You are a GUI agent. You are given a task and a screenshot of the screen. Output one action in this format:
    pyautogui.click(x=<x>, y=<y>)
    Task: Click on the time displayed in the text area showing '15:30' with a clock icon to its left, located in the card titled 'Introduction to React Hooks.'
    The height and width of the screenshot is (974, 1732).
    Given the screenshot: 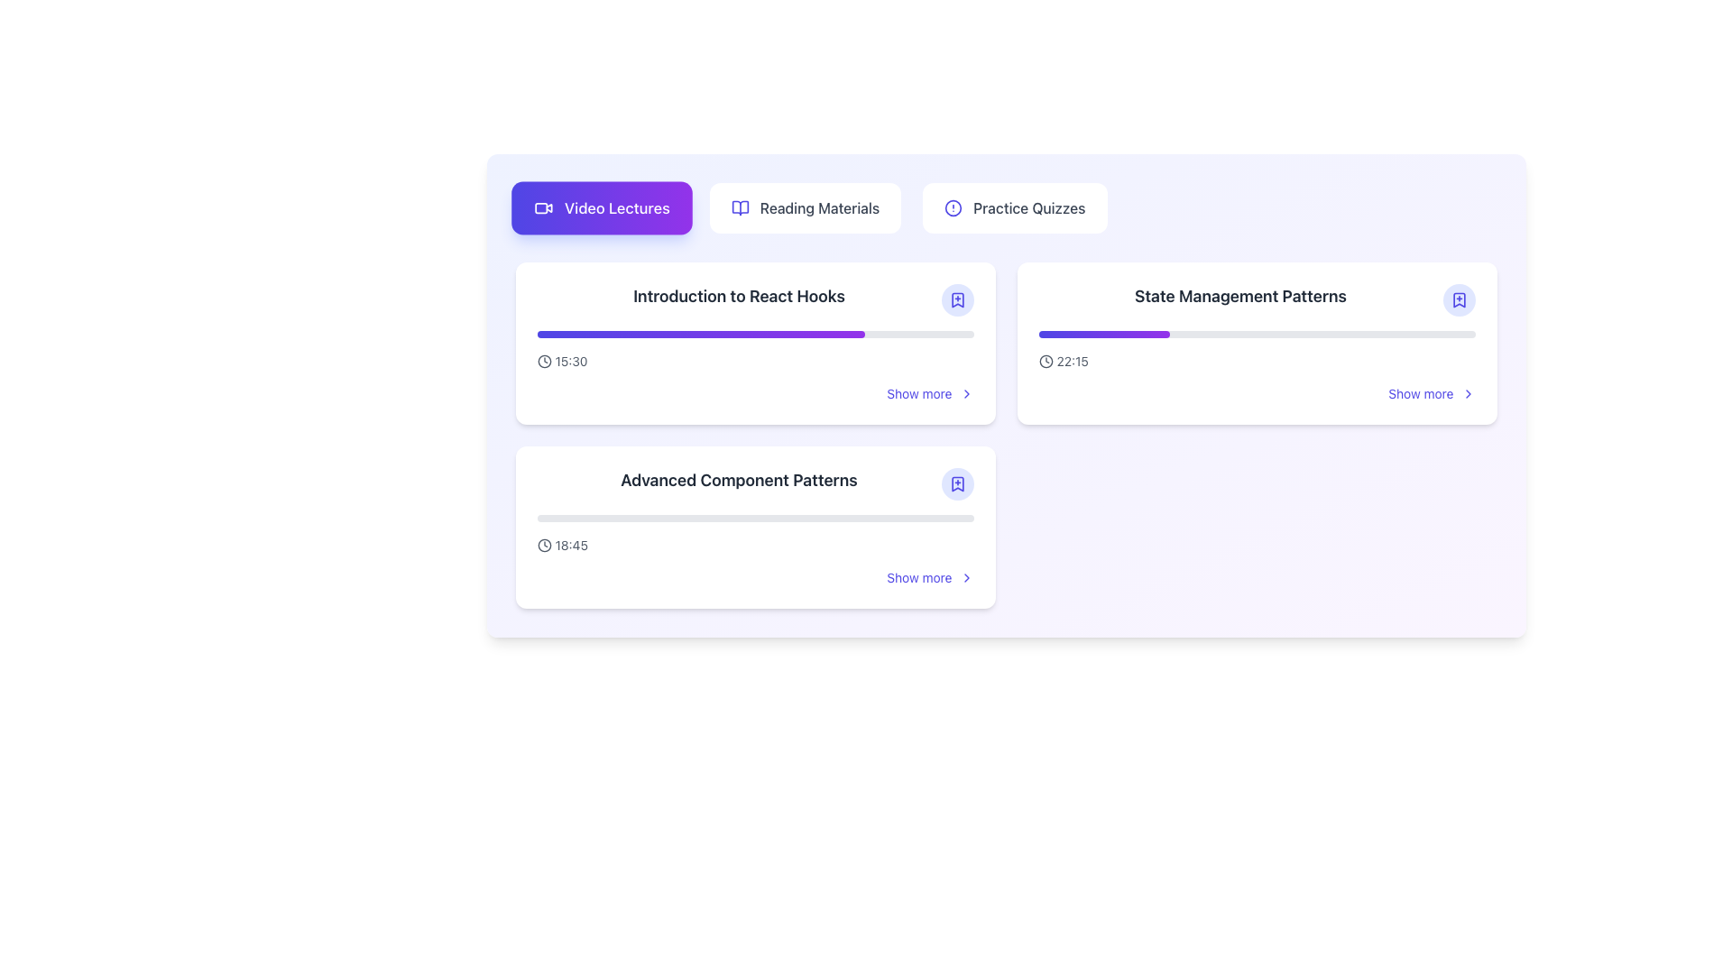 What is the action you would take?
    pyautogui.click(x=561, y=362)
    